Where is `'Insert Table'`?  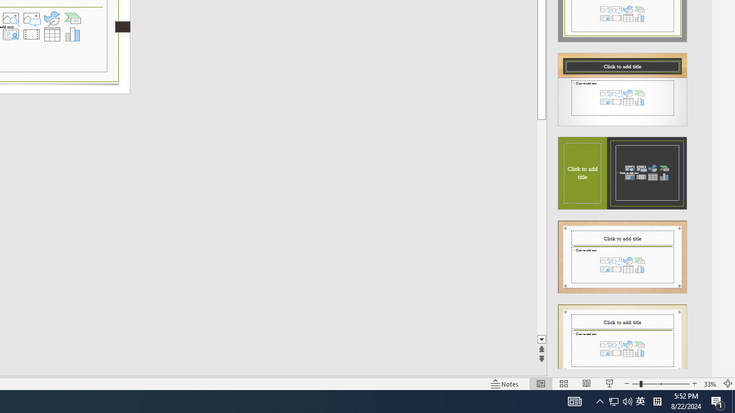 'Insert Table' is located at coordinates (52, 34).